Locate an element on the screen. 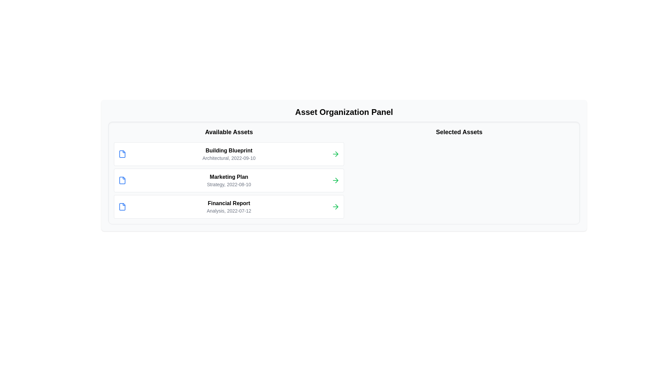 This screenshot has width=649, height=365. the 'Marketing Plan' list entry, which is the second row under the 'Available Assets' section is located at coordinates (229, 180).